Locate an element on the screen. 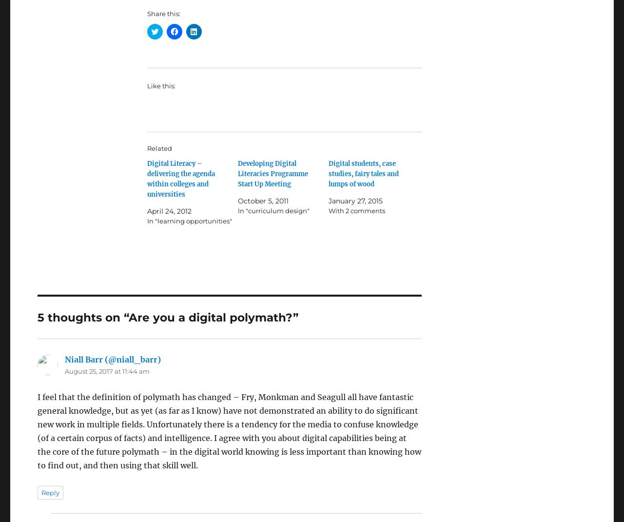 The height and width of the screenshot is (522, 624). 'In "curriculum design"' is located at coordinates (273, 210).